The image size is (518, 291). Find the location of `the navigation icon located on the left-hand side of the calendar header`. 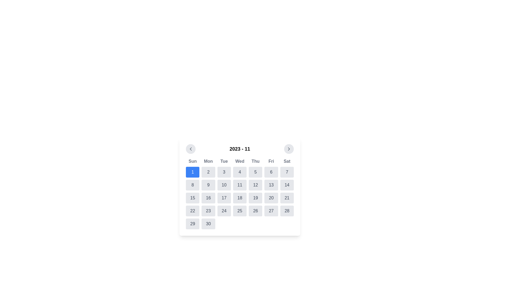

the navigation icon located on the left-hand side of the calendar header is located at coordinates (190, 149).